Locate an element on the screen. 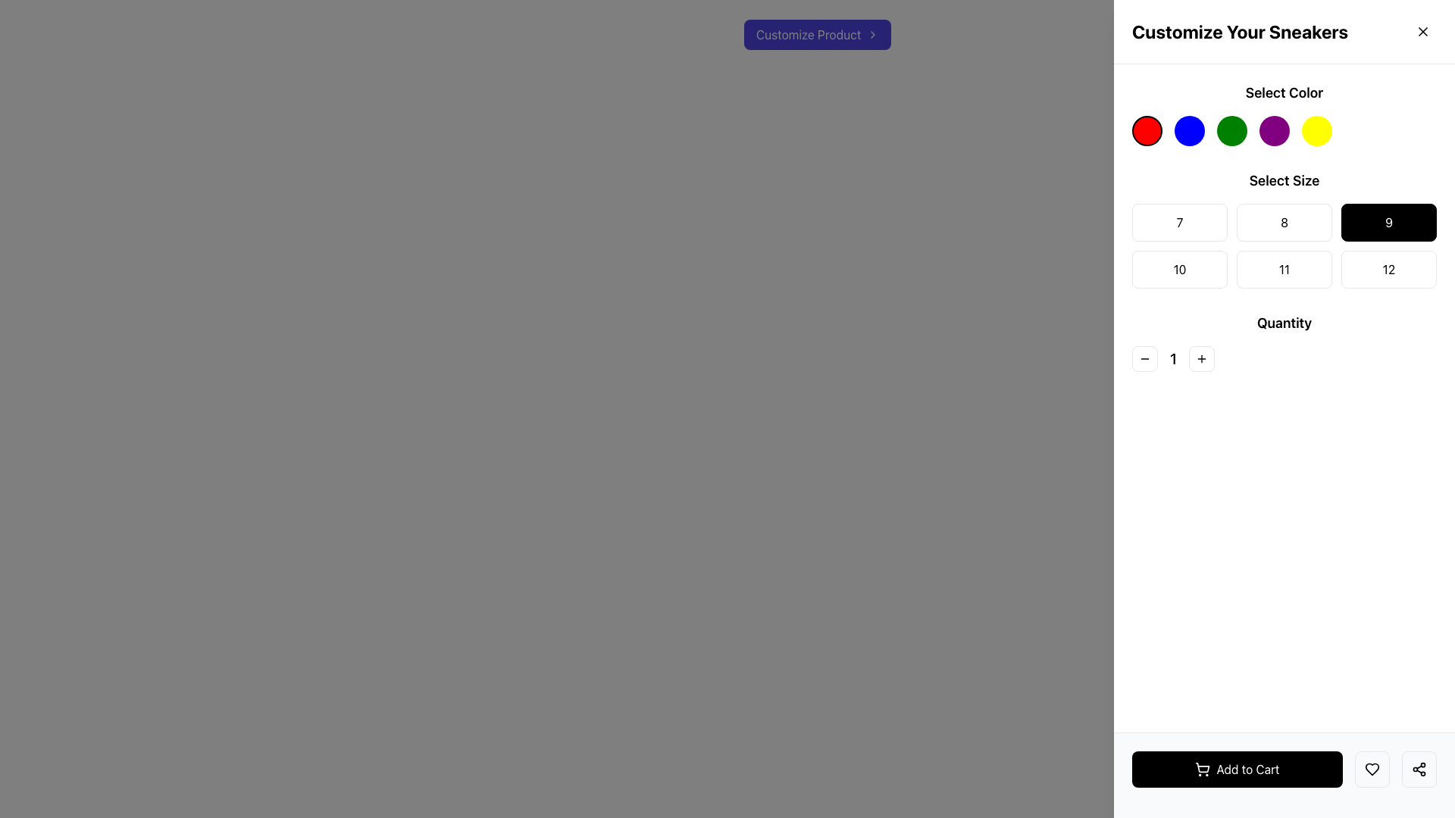 This screenshot has height=818, width=1455. the black rectangular 'Add to Cart' button with rounded corners to observe its style change is located at coordinates (1283, 769).